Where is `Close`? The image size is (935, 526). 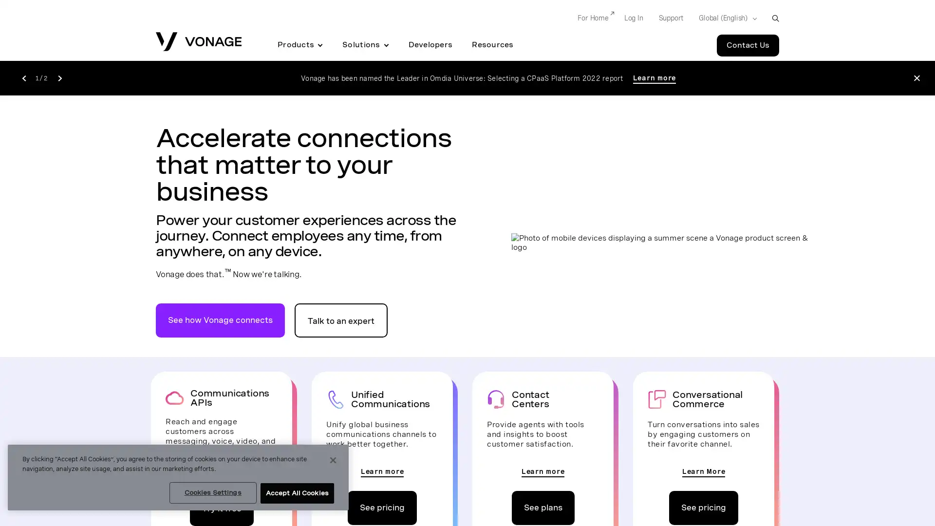 Close is located at coordinates (333, 460).